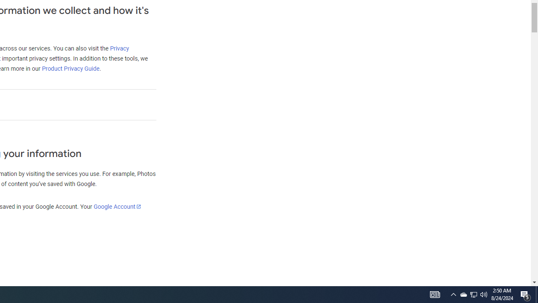 The height and width of the screenshot is (303, 538). What do you see at coordinates (70, 68) in the screenshot?
I see `'Product Privacy Guide'` at bounding box center [70, 68].